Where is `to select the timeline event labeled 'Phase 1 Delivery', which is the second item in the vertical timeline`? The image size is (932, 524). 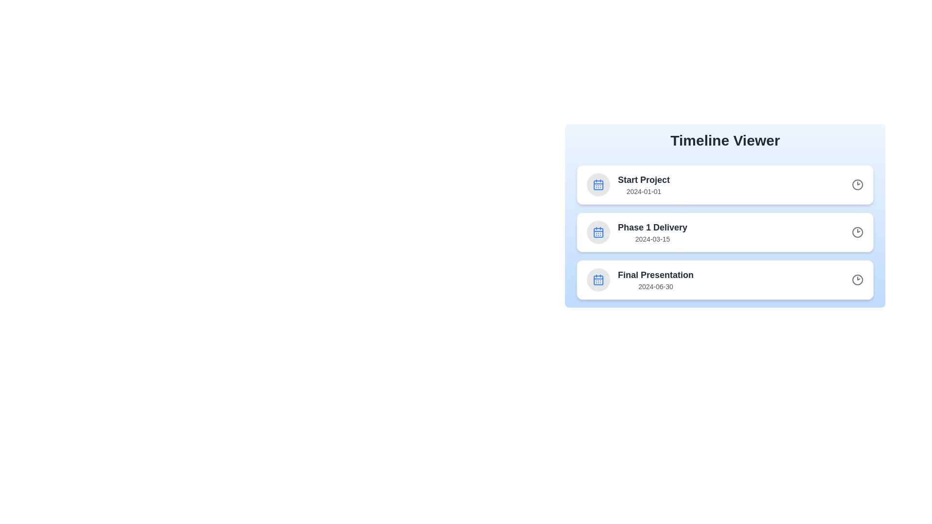 to select the timeline event labeled 'Phase 1 Delivery', which is the second item in the vertical timeline is located at coordinates (725, 232).